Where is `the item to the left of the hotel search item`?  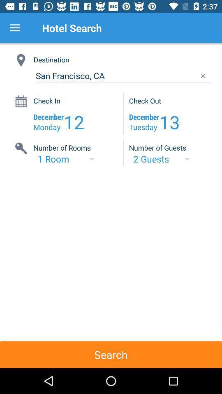 the item to the left of the hotel search item is located at coordinates (15, 28).